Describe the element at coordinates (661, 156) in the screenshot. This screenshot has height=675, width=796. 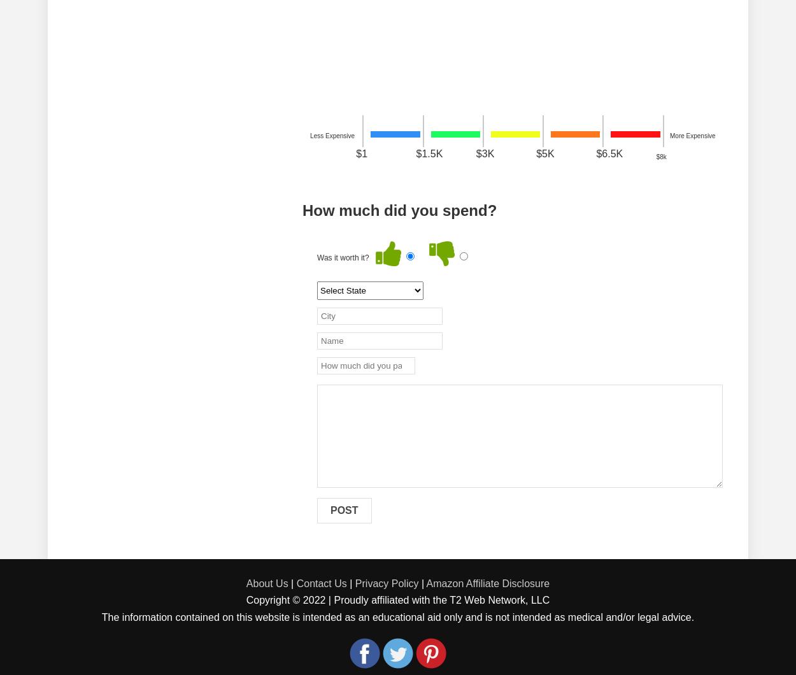
I see `'$8k'` at that location.